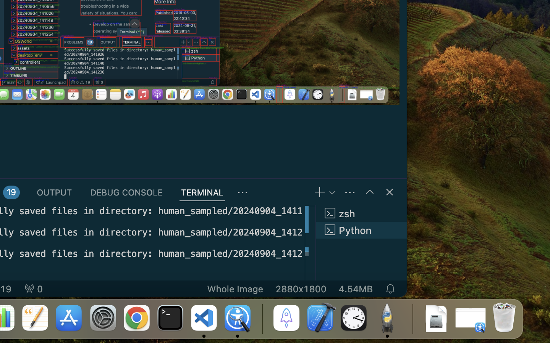  I want to click on '', so click(369, 192).